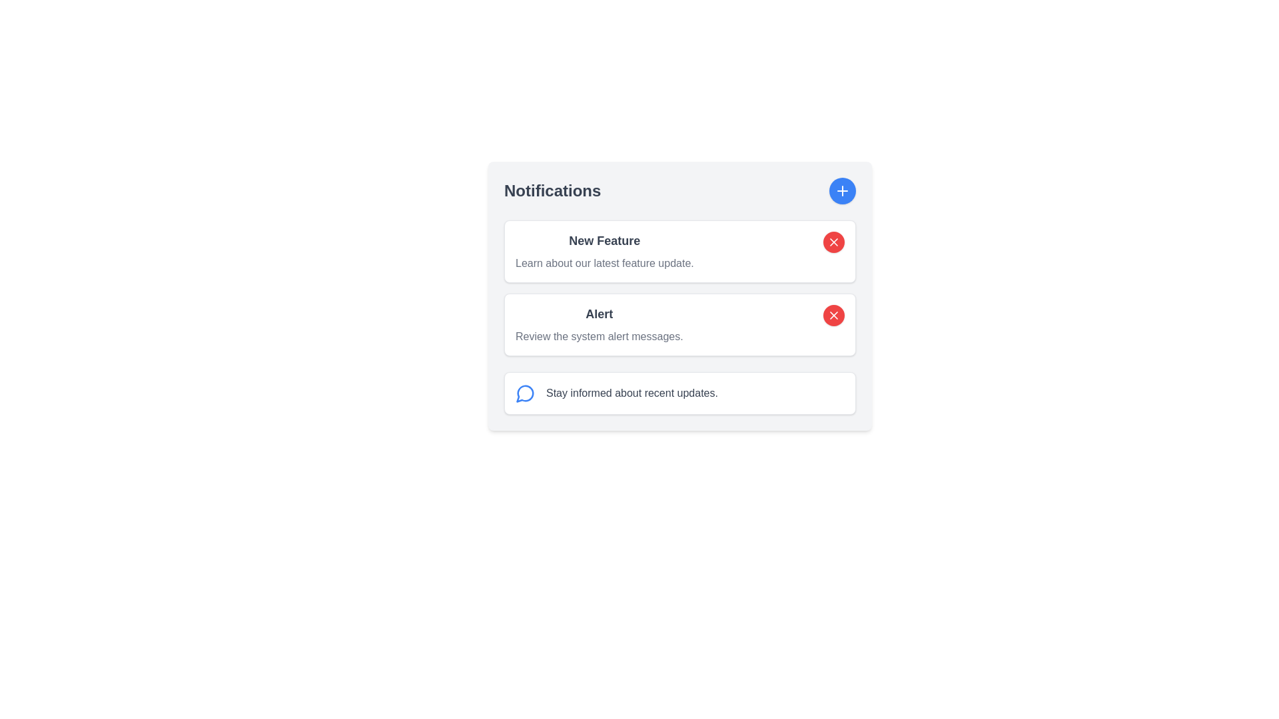 This screenshot has height=719, width=1279. Describe the element at coordinates (524, 393) in the screenshot. I see `the circular blue button featuring a speech bubble icon located at the top-right corner of the notification card interface` at that location.